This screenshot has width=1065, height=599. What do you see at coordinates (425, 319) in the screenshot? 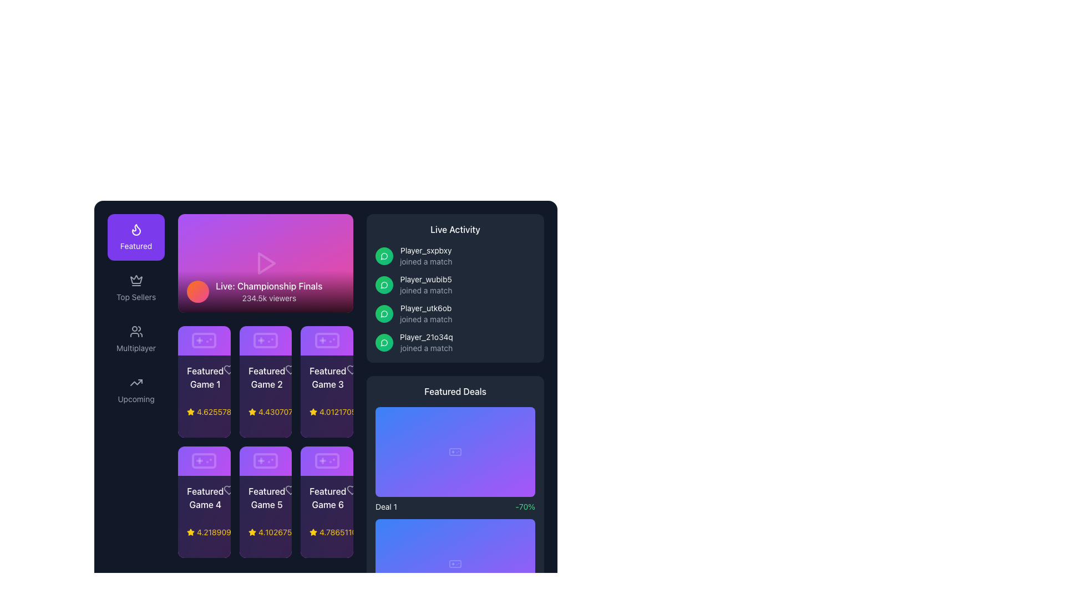
I see `the text label displaying 'joined a match' in light gray font, located within the 'Live Activity' panel, below 'Player_utk6ob'` at bounding box center [425, 319].